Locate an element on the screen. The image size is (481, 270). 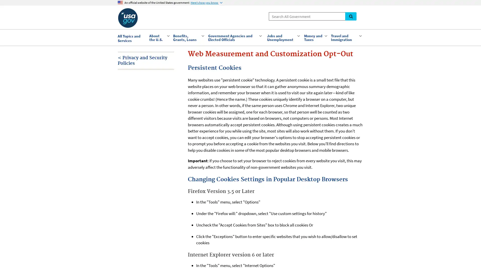
Travel and Immigration is located at coordinates (345, 37).